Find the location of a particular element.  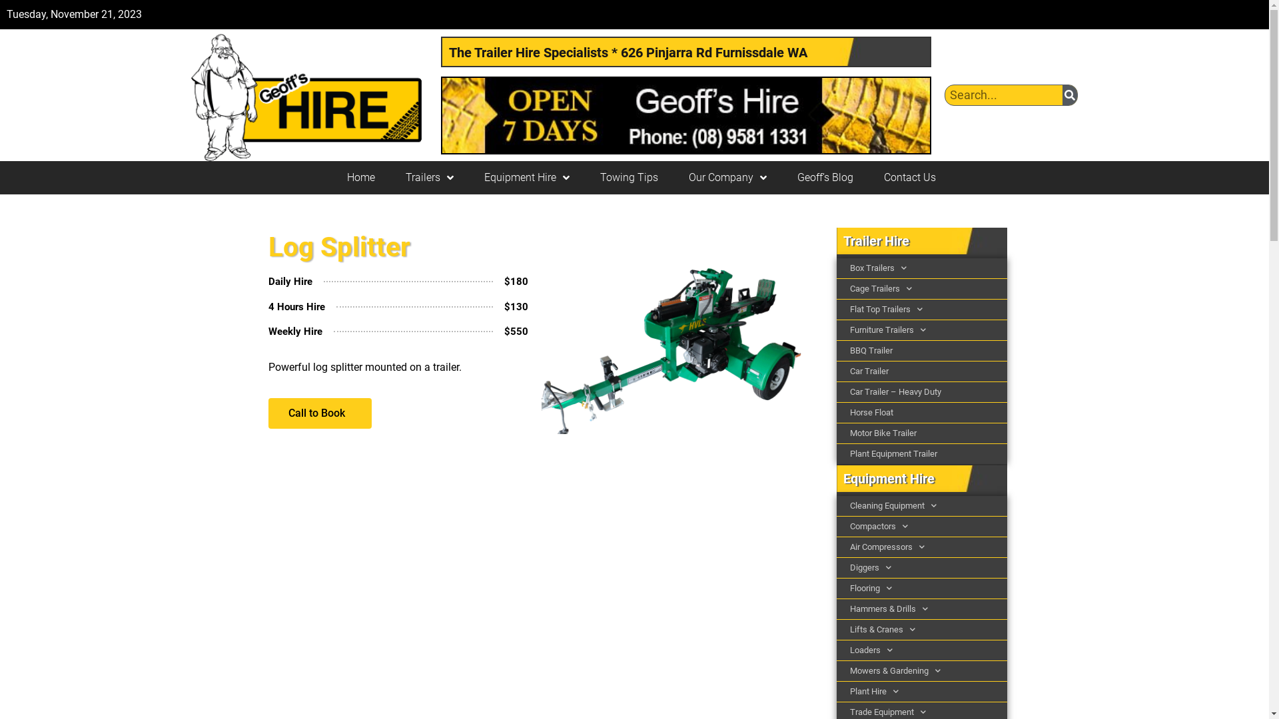

'Our Company' is located at coordinates (727, 176).